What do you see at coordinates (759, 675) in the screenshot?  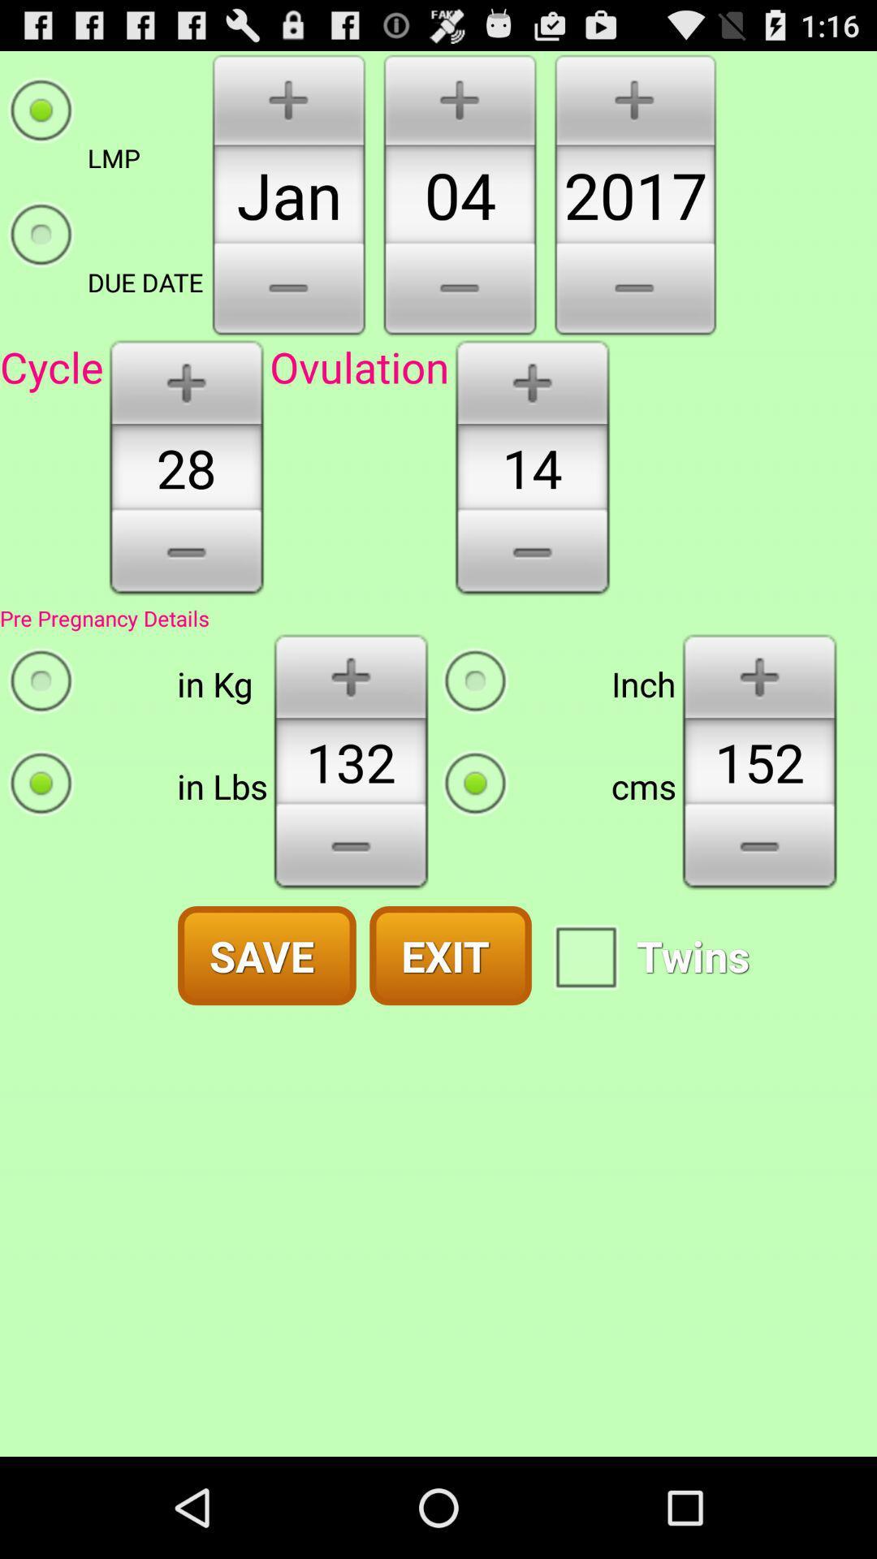 I see `an inch` at bounding box center [759, 675].